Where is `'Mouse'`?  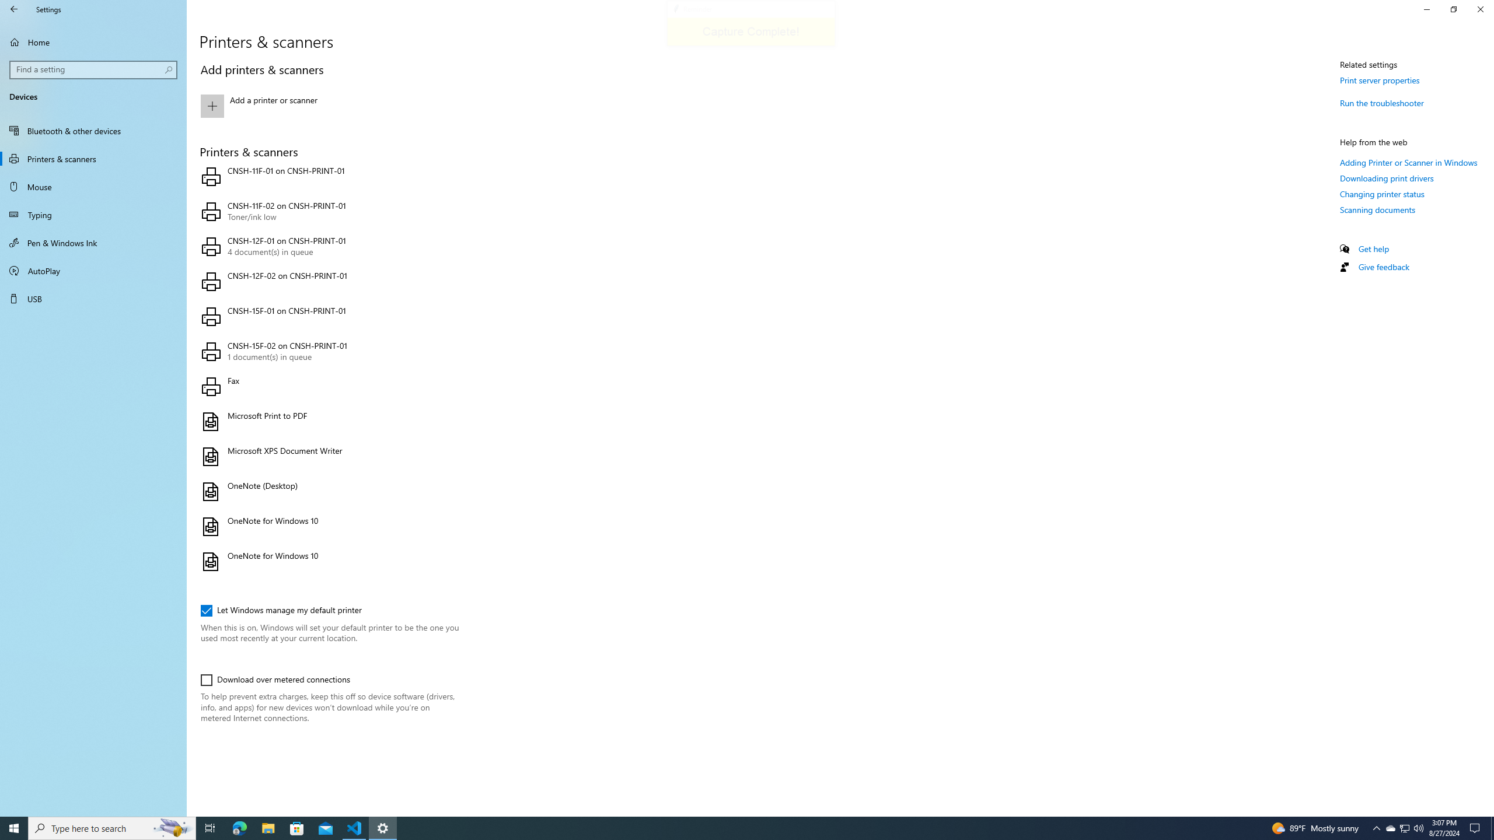 'Mouse' is located at coordinates (93, 186).